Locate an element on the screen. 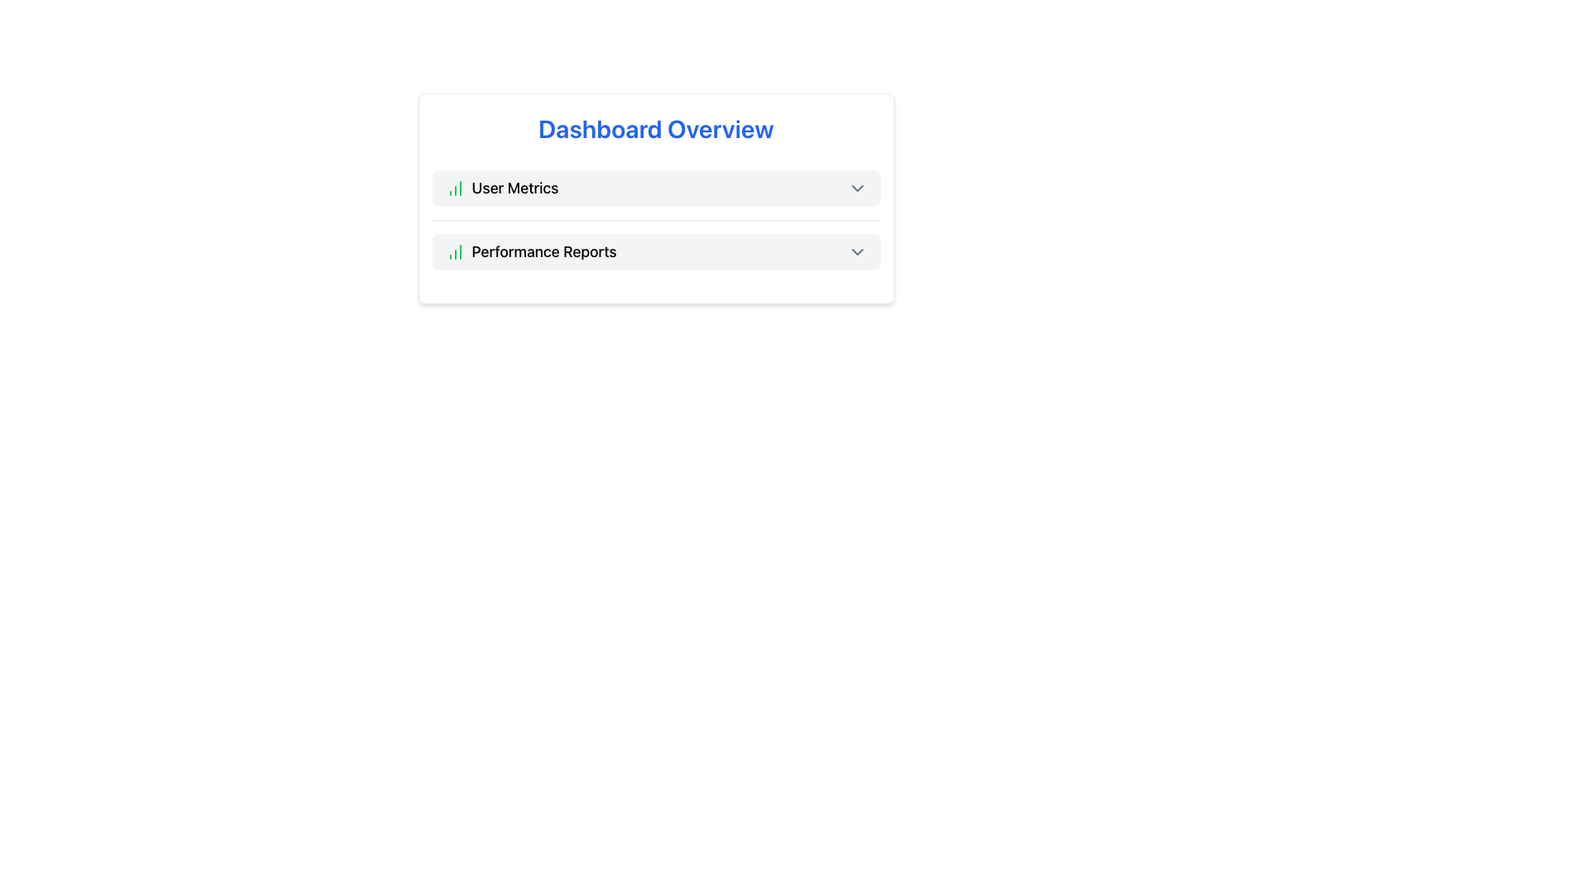 Image resolution: width=1588 pixels, height=893 pixels. the 'Performance Reports' button, which has a light gray background and is located below the 'User Metrics' item is located at coordinates (655, 251).